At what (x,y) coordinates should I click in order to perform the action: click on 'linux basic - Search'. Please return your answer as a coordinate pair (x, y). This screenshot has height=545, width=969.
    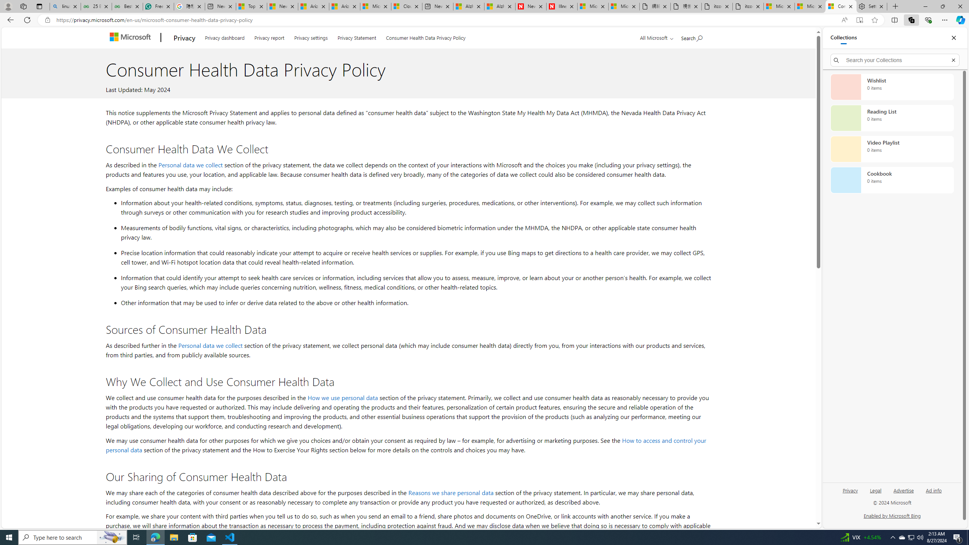
    Looking at the image, I should click on (65, 6).